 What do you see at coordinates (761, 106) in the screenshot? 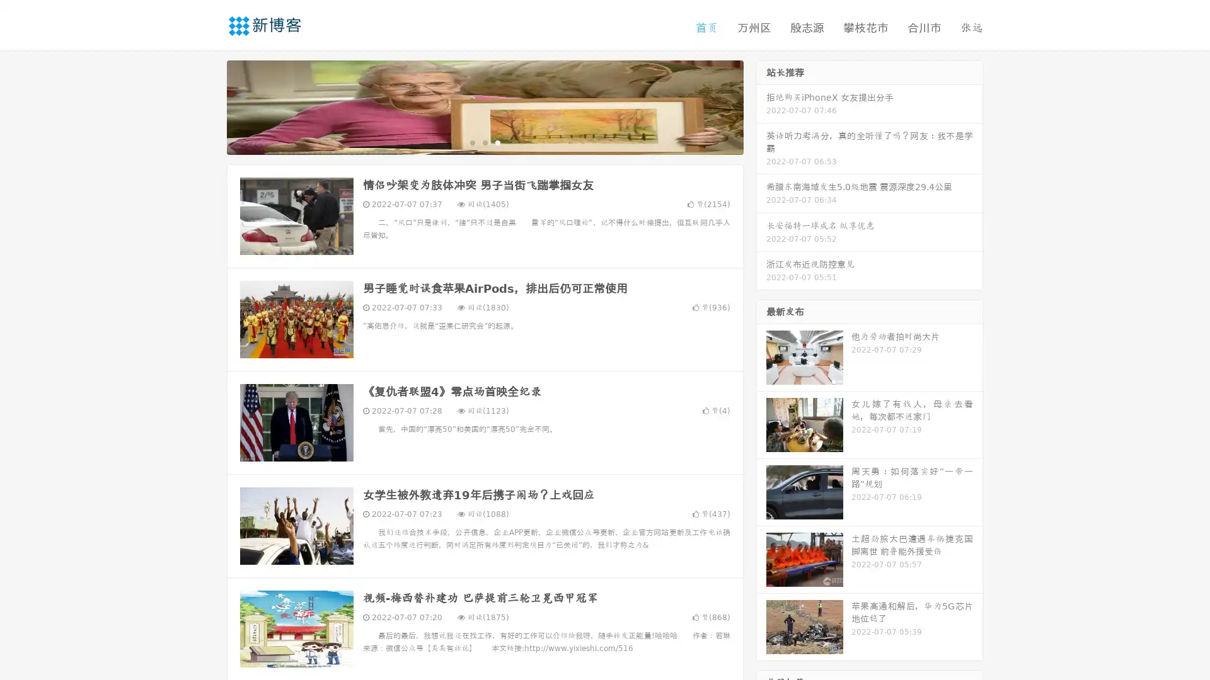
I see `Next slide` at bounding box center [761, 106].